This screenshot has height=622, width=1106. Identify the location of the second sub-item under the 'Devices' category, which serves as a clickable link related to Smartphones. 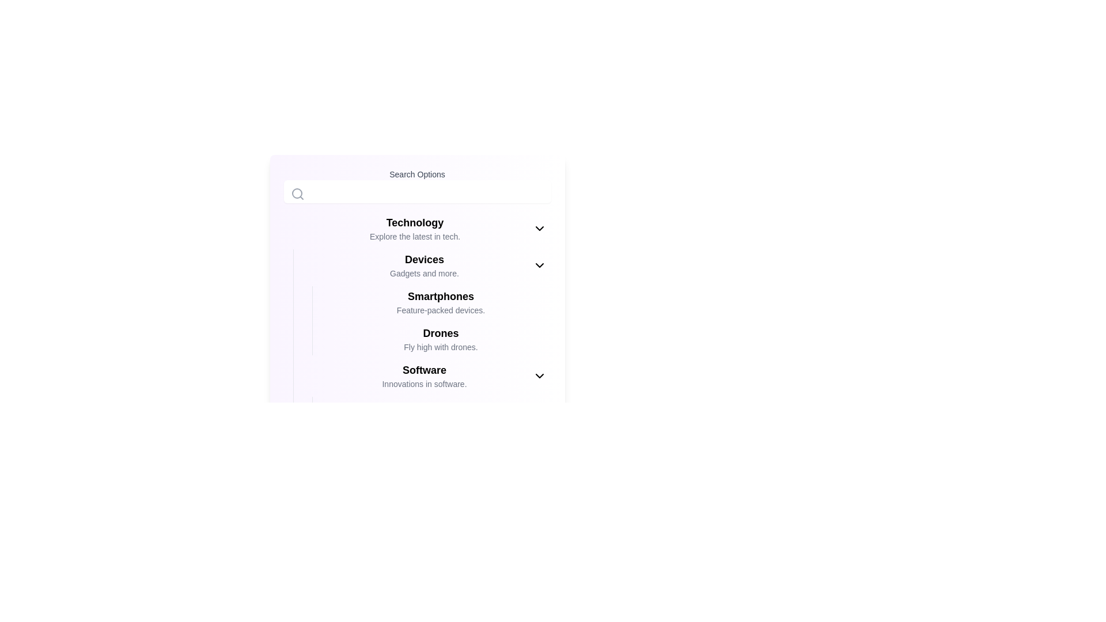
(426, 301).